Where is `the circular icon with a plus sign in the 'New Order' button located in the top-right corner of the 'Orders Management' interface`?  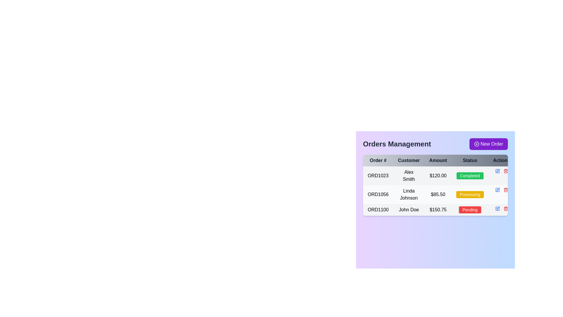 the circular icon with a plus sign in the 'New Order' button located in the top-right corner of the 'Orders Management' interface is located at coordinates (476, 144).